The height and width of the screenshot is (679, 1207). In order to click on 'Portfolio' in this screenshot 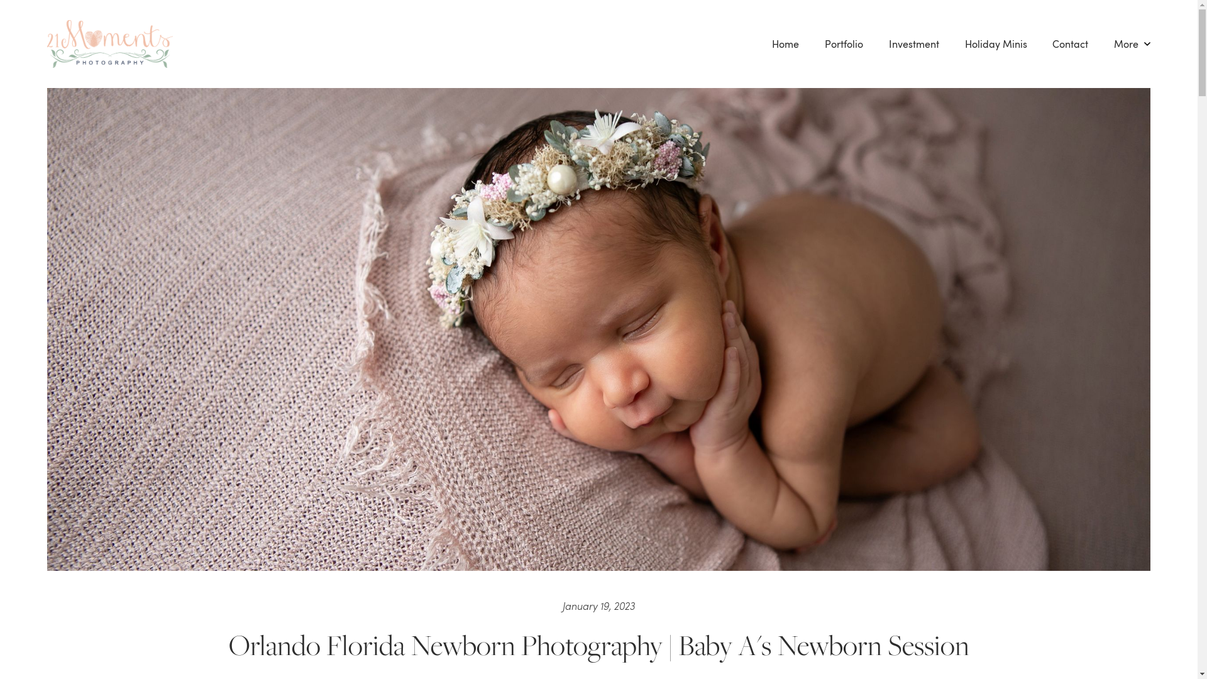, I will do `click(844, 43)`.